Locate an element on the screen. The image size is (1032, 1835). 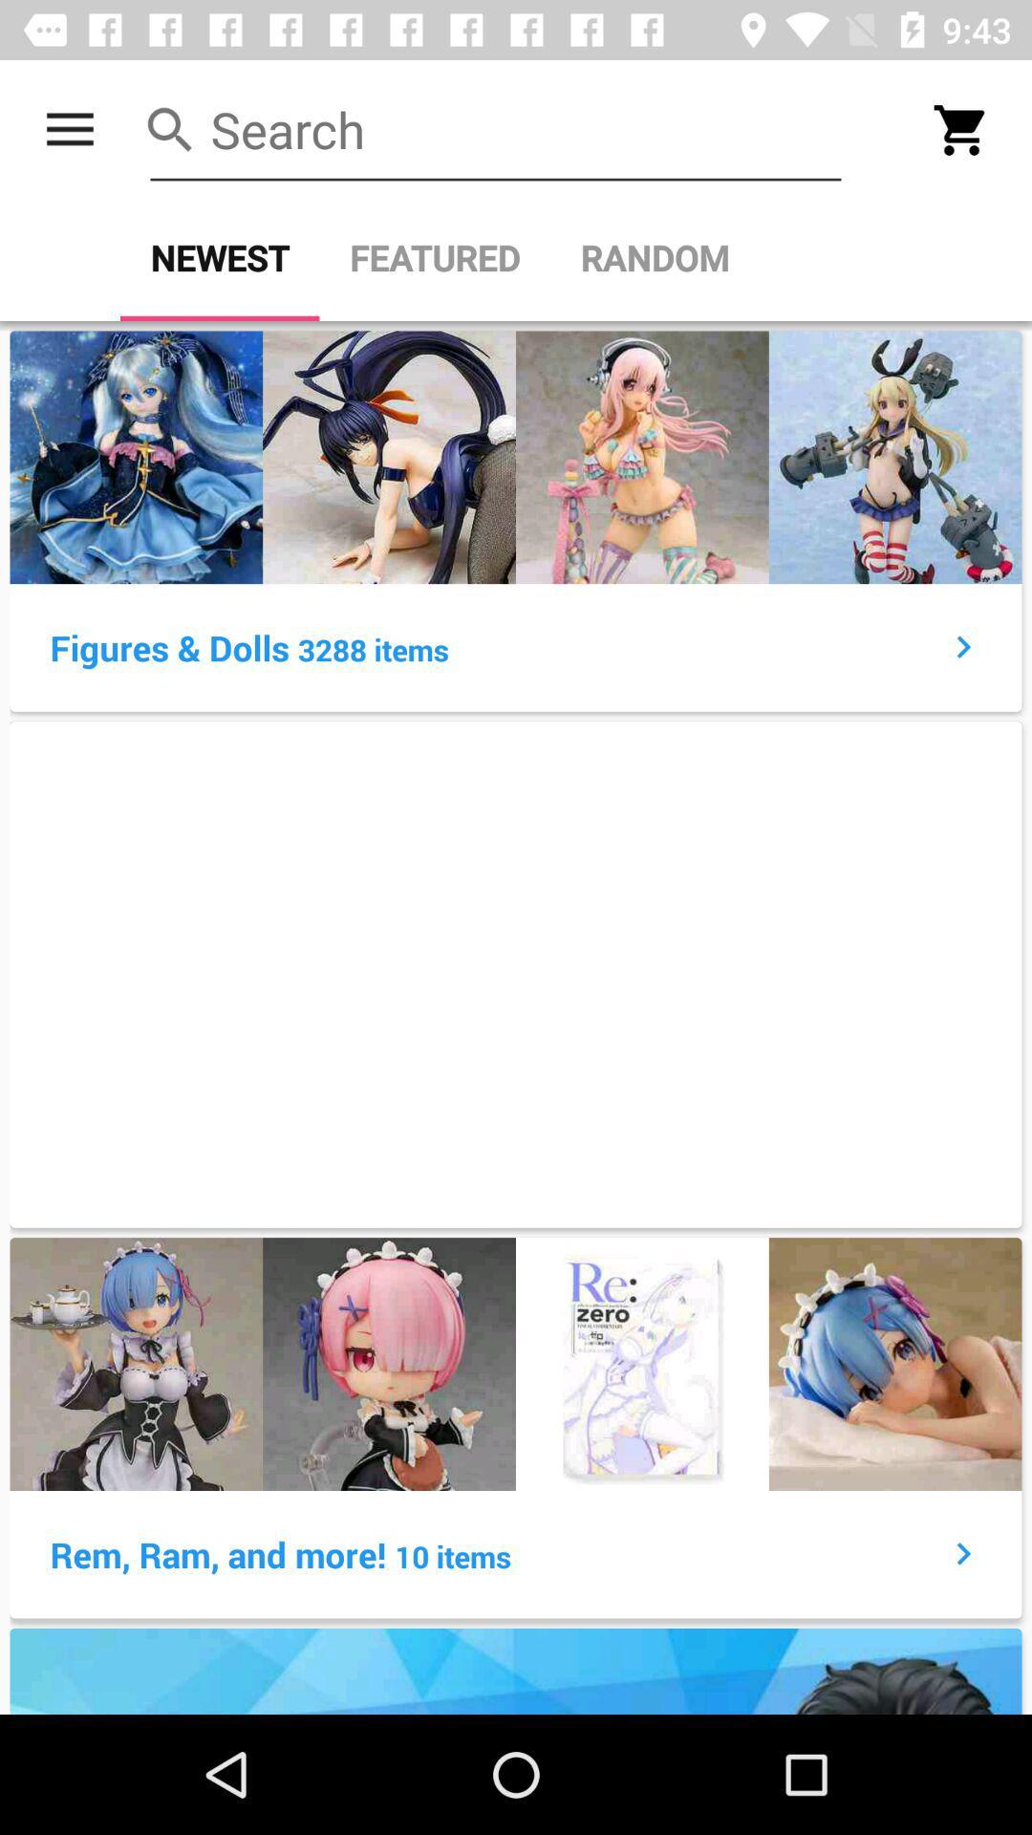
search bar is located at coordinates (495, 129).